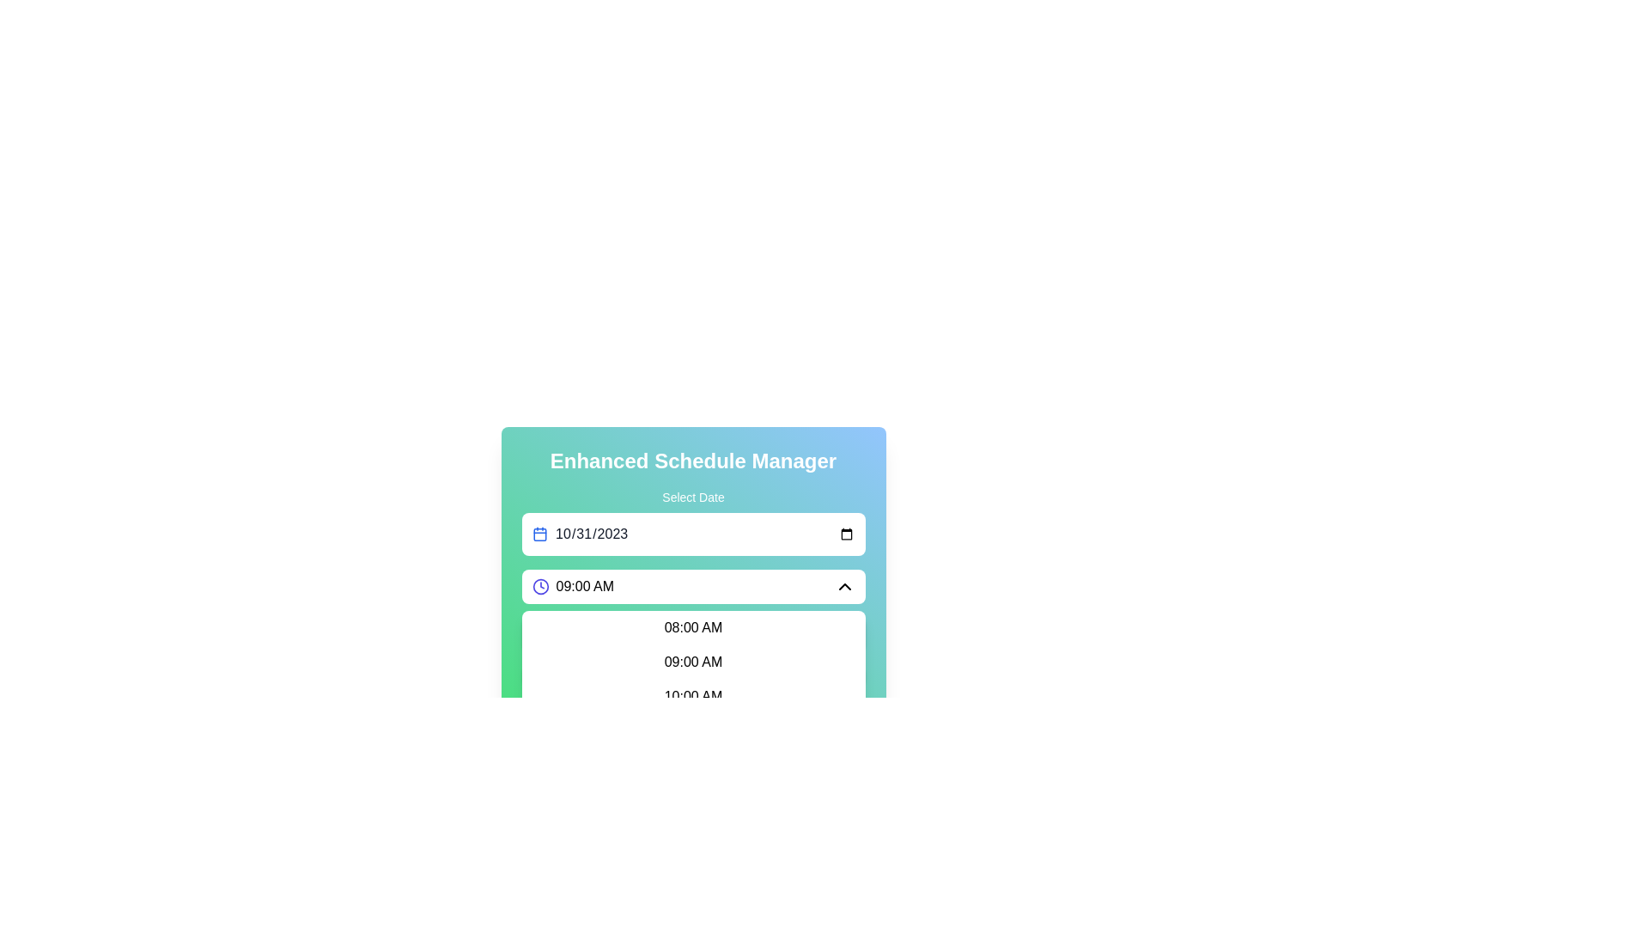 This screenshot has width=1649, height=928. I want to click on the first time option '08:00 AM' in the dropdown menu, so click(693, 628).